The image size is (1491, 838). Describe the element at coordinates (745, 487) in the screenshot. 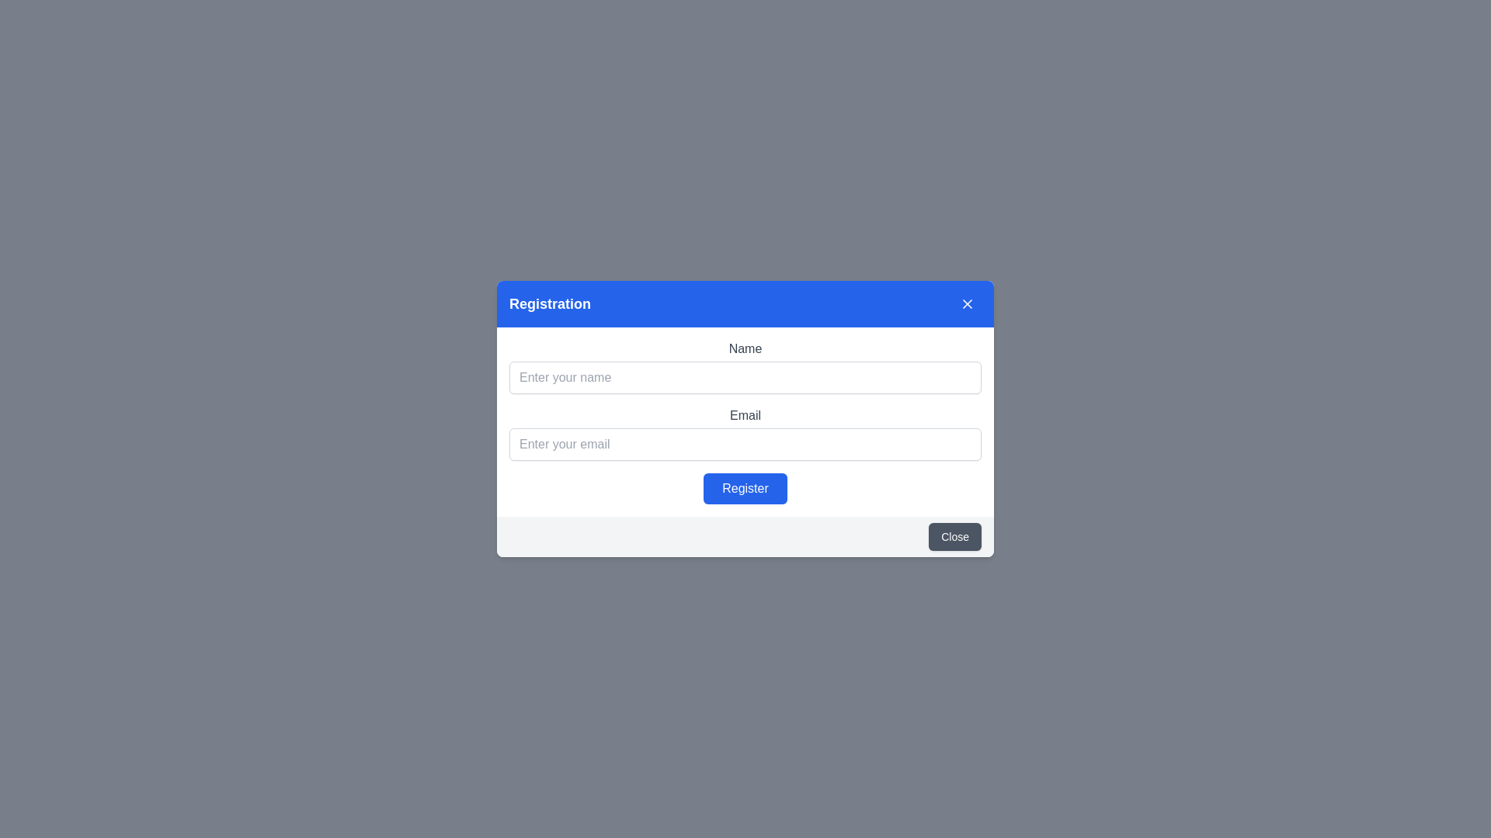

I see `the 'Register' button with rounded corners and a blue background to activate its hover effects` at that location.